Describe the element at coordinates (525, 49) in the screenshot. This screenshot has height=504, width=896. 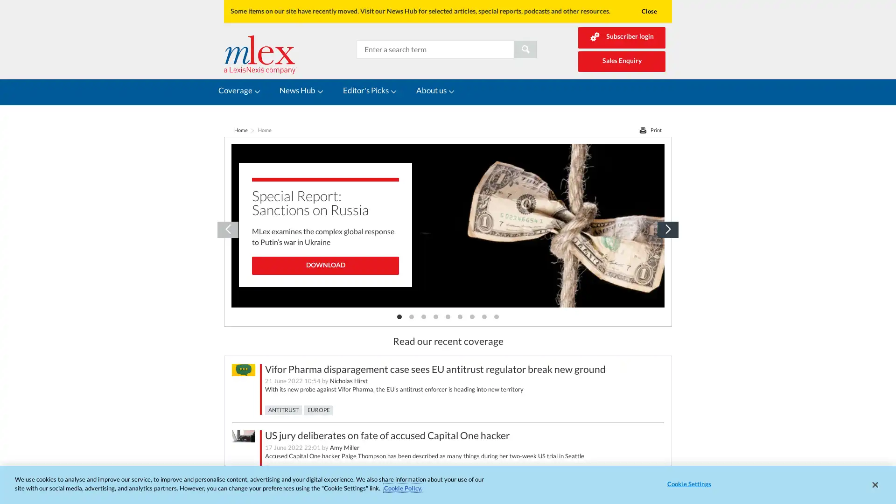
I see `Search` at that location.